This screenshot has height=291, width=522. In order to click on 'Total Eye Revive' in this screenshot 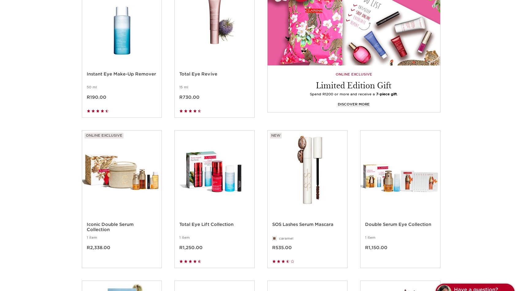, I will do `click(198, 80)`.